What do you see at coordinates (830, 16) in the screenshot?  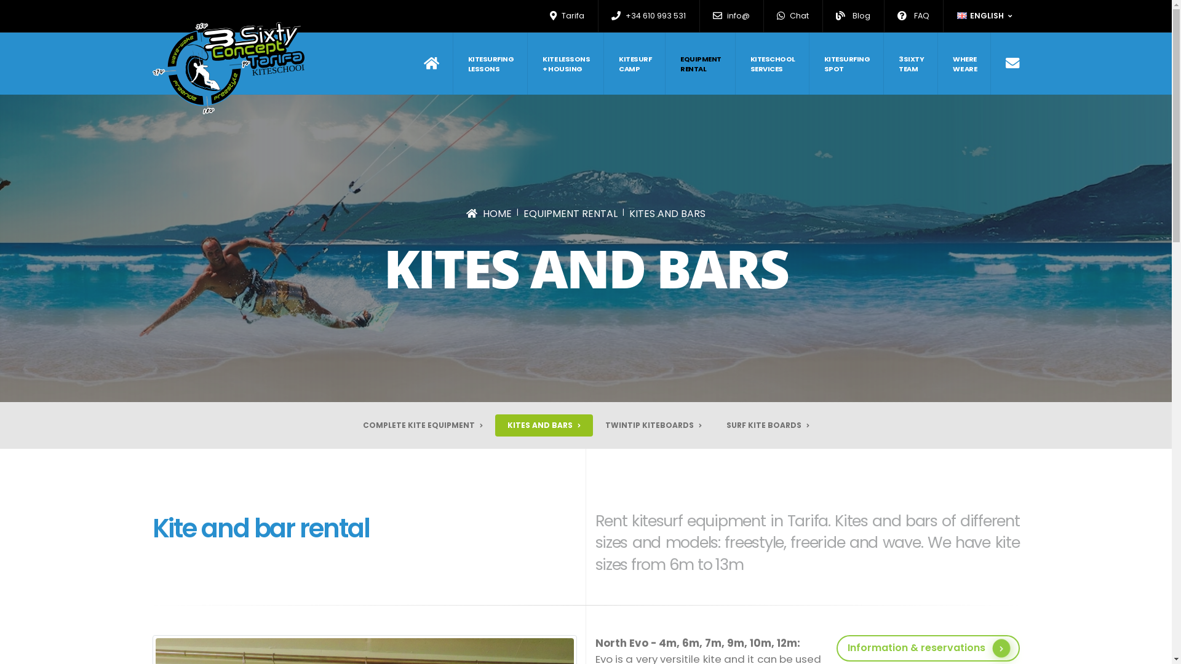 I see `'Blog'` at bounding box center [830, 16].